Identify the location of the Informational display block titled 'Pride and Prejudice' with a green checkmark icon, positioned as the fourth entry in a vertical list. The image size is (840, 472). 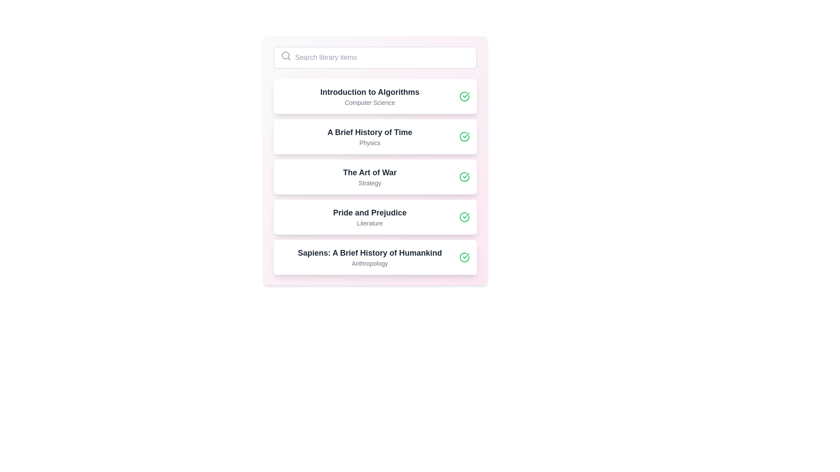
(375, 217).